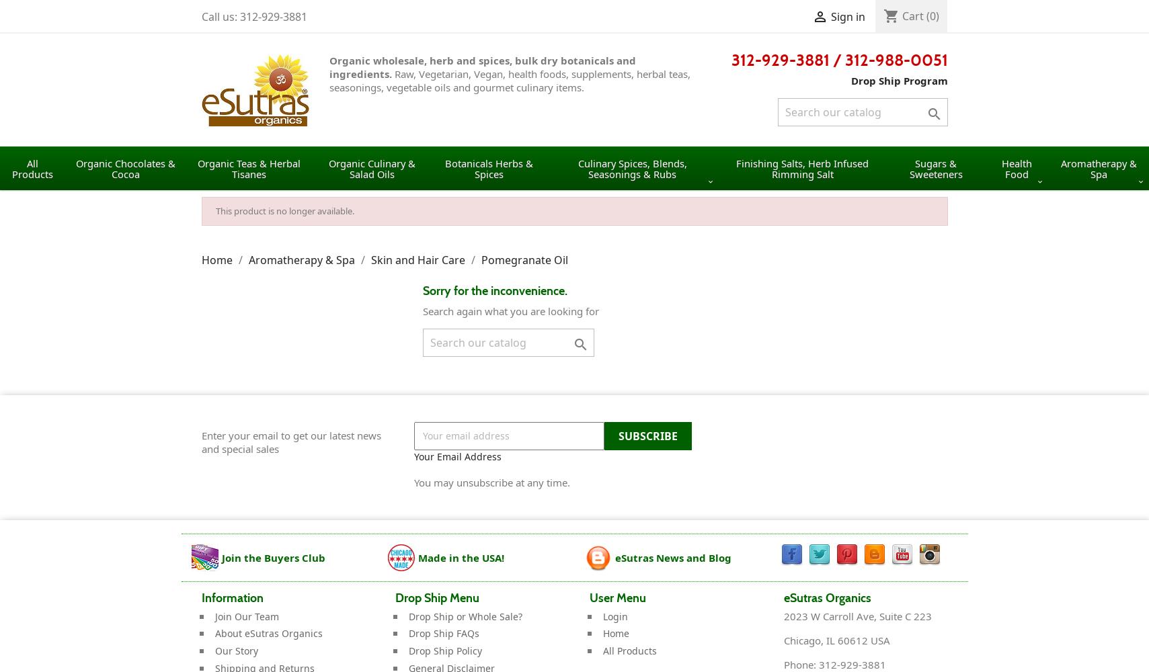 Image resolution: width=1149 pixels, height=672 pixels. Describe the element at coordinates (812, 663) in the screenshot. I see `':'` at that location.